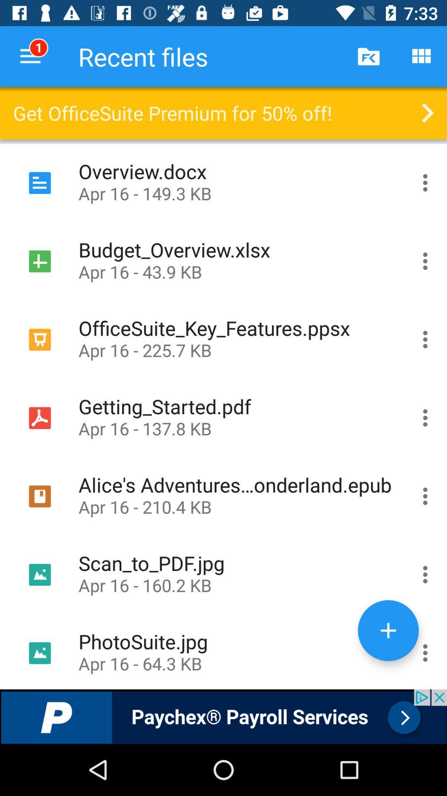 The image size is (447, 796). What do you see at coordinates (425, 182) in the screenshot?
I see `file` at bounding box center [425, 182].